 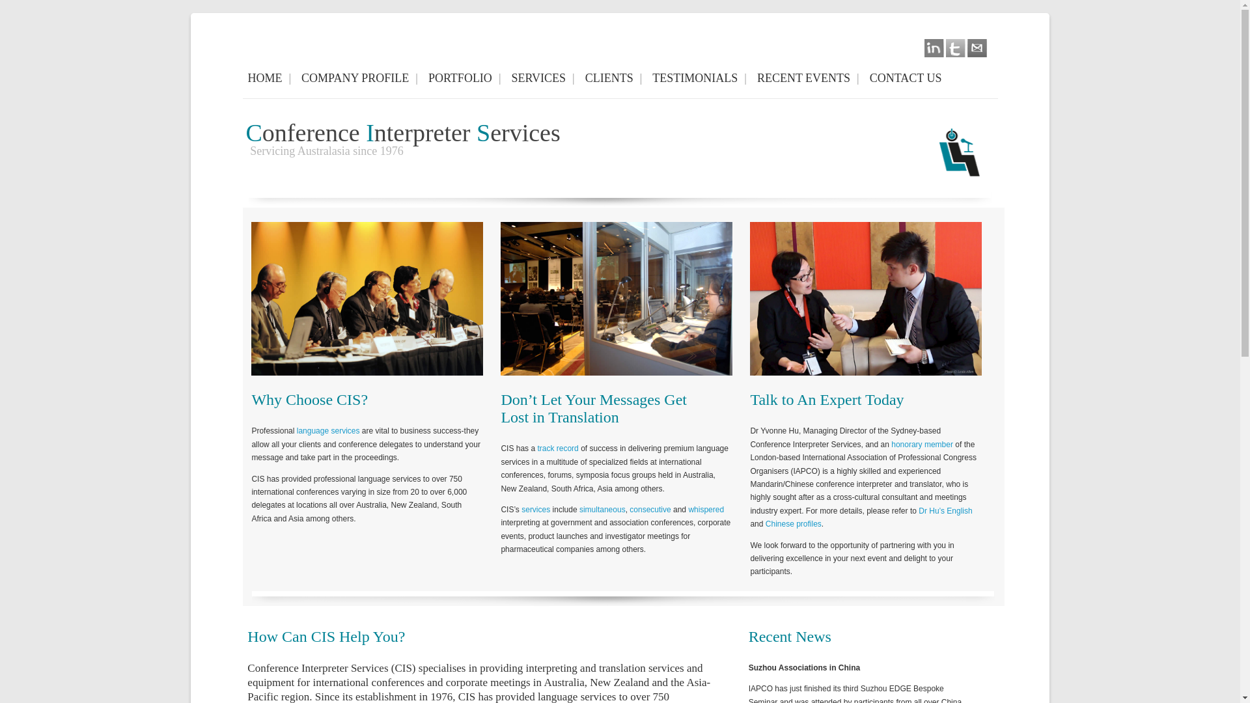 I want to click on 'E-mail', so click(x=967, y=48).